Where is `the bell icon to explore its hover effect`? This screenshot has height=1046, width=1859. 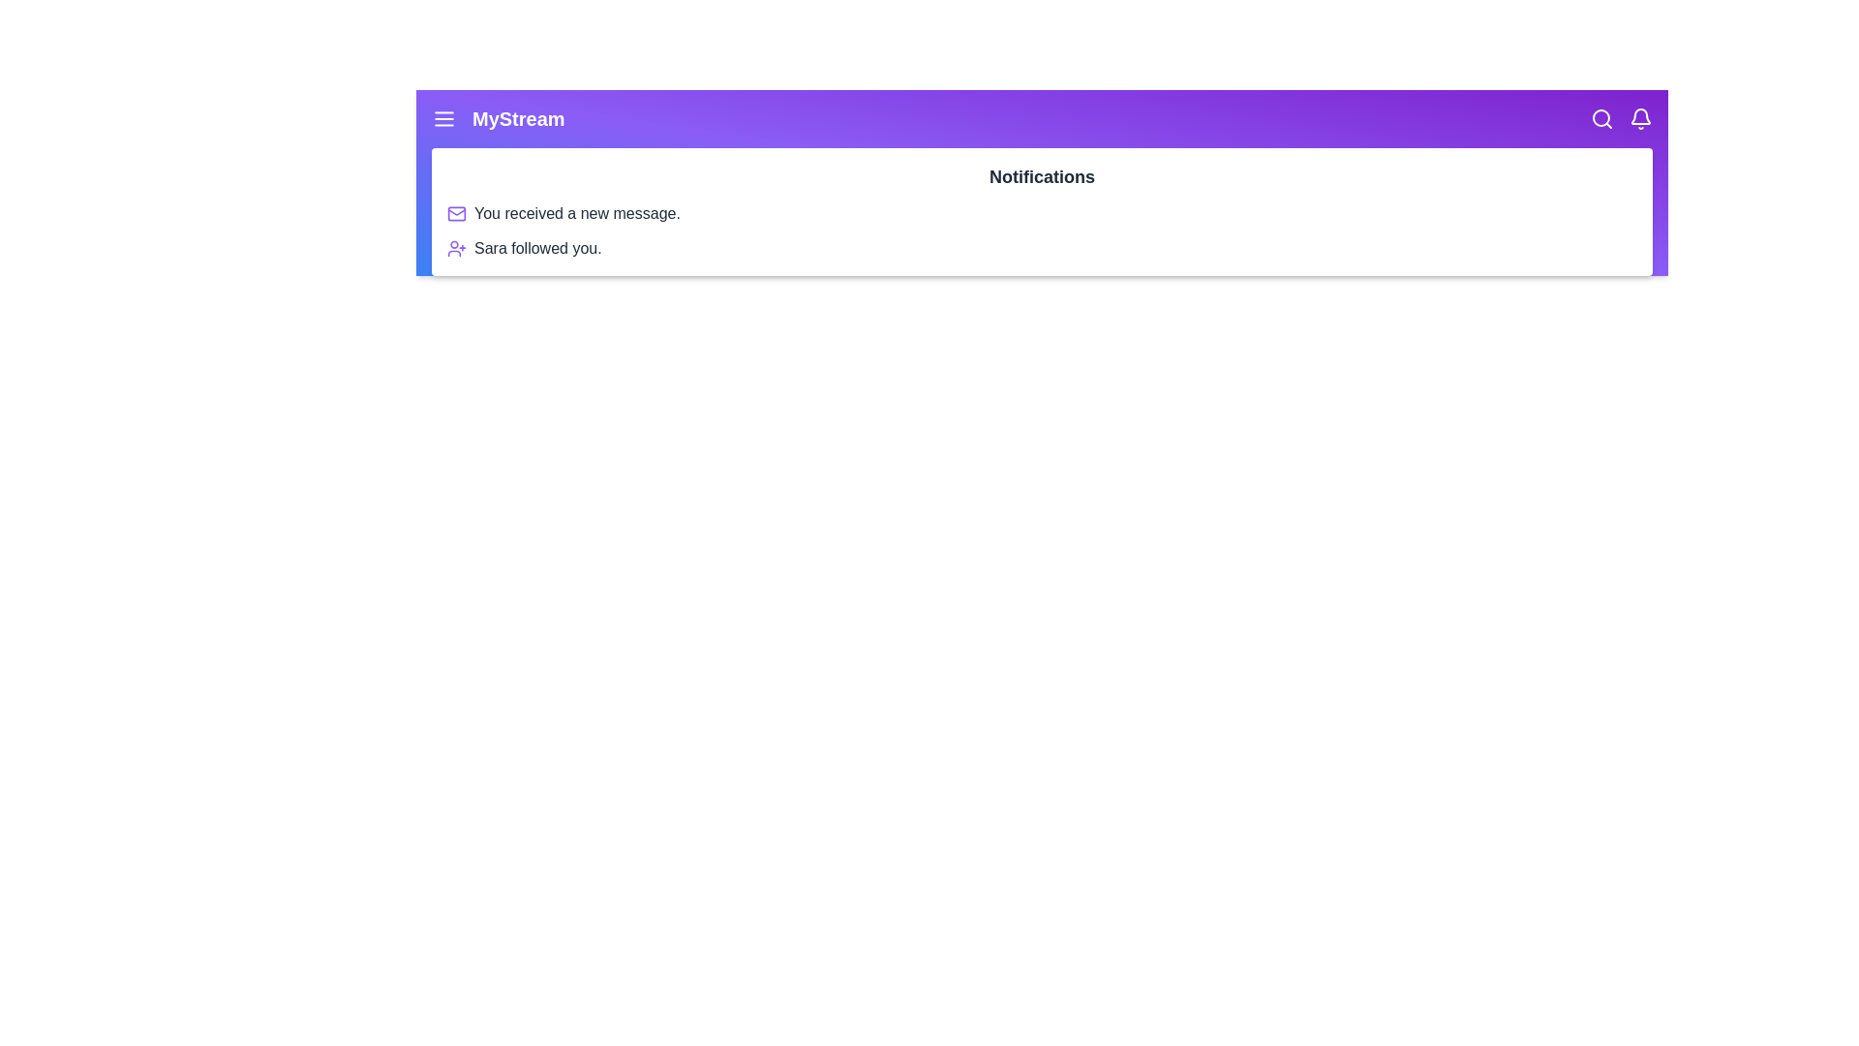 the bell icon to explore its hover effect is located at coordinates (1639, 119).